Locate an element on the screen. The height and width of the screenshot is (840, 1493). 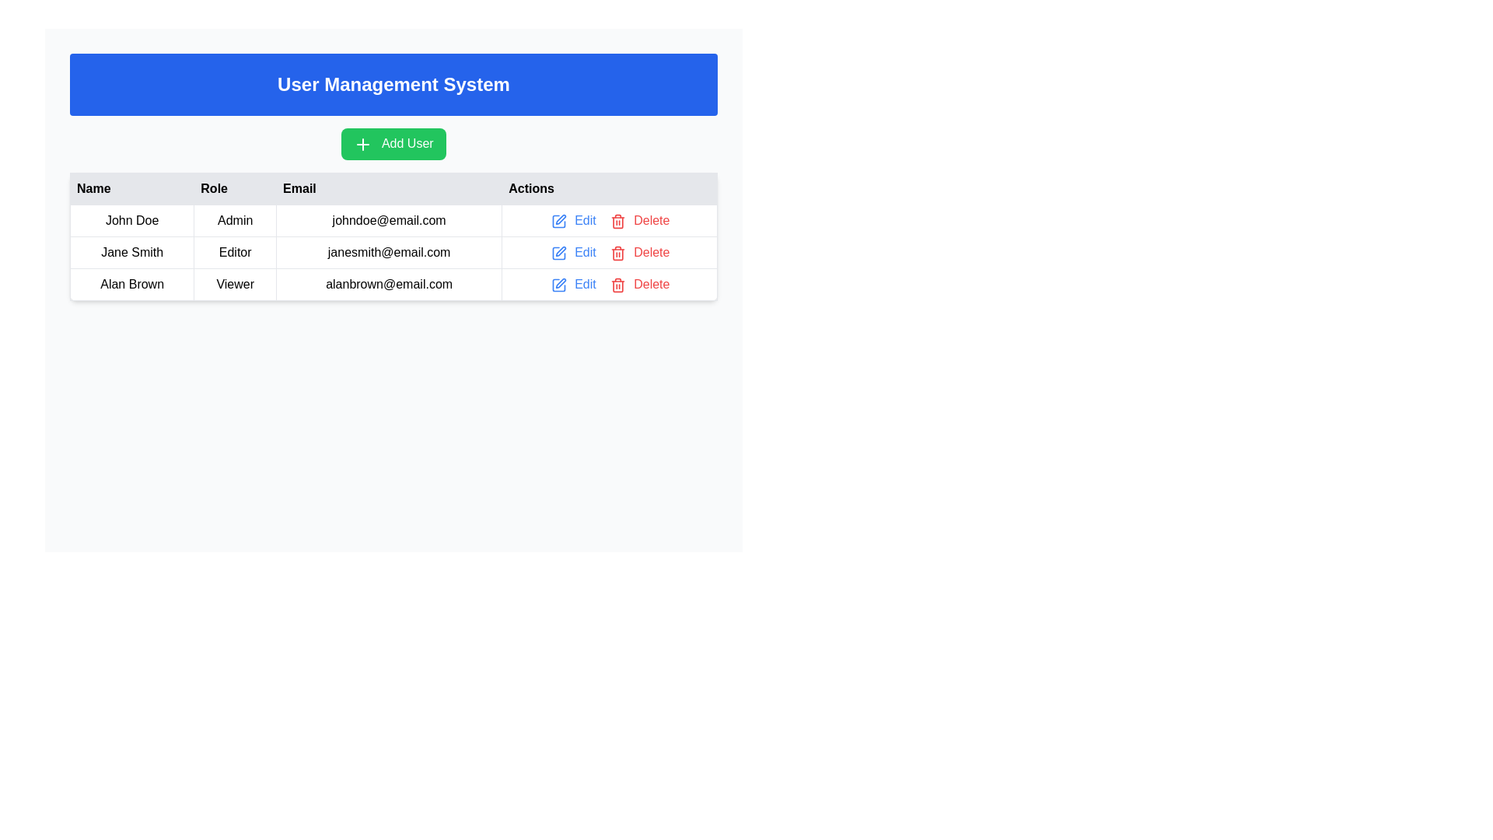
the static text label displaying 'Admin' for the user 'John Doe' in the user management table is located at coordinates (234, 220).